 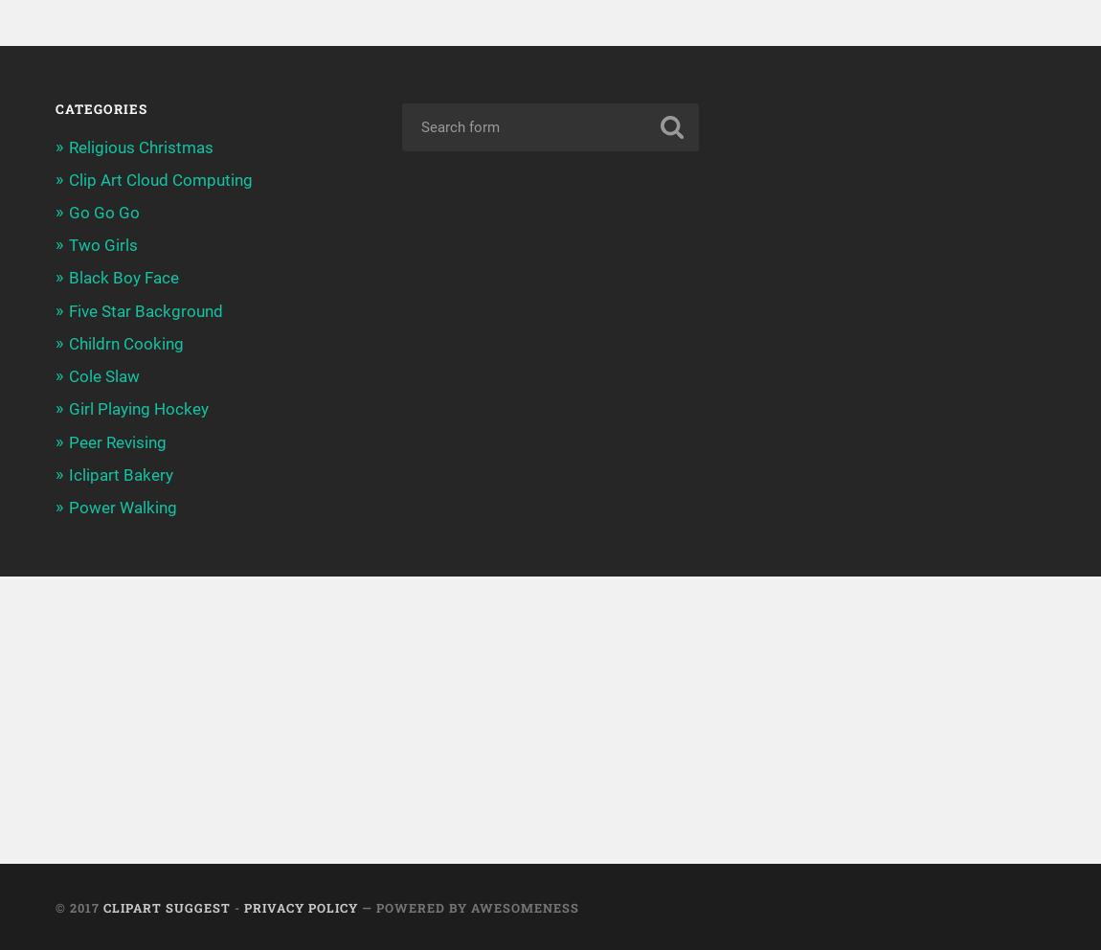 What do you see at coordinates (356, 906) in the screenshot?
I see `'— Powered by Awesomeness'` at bounding box center [356, 906].